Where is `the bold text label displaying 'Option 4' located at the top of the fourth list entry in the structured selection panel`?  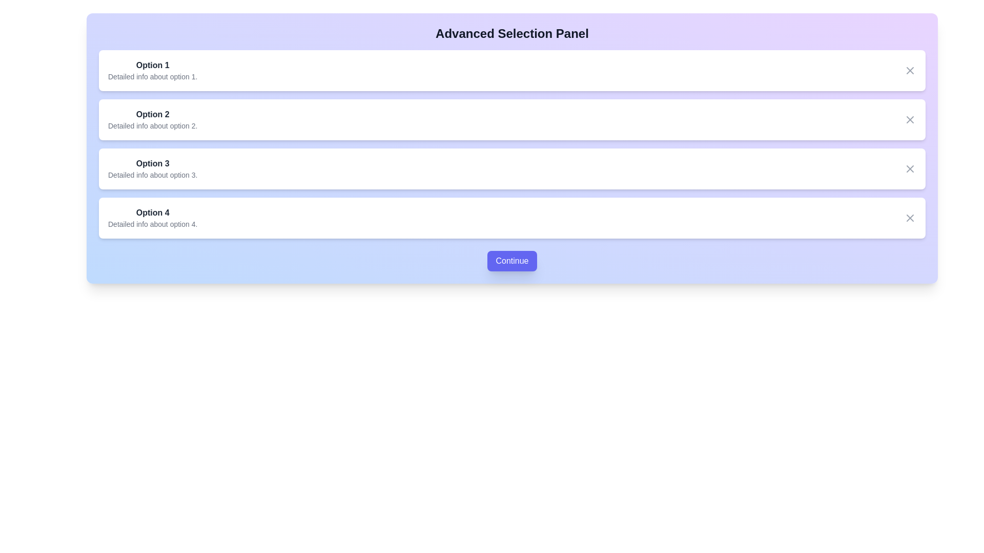 the bold text label displaying 'Option 4' located at the top of the fourth list entry in the structured selection panel is located at coordinates (152, 212).